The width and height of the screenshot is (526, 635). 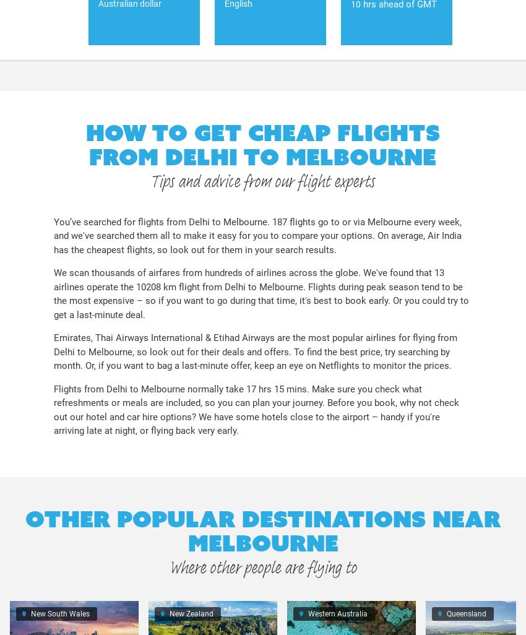 What do you see at coordinates (53, 409) in the screenshot?
I see `'Flights from Delhi to Melbourne normally take 17 hrs 15 mins. Make sure you check what refreshments or meals are included, so you can plan your journey. Before you book, why not check out our hotel and car hire options? We have some hotels close to the airport – handy if you're arriving late at night, or flying back very early.'` at bounding box center [53, 409].